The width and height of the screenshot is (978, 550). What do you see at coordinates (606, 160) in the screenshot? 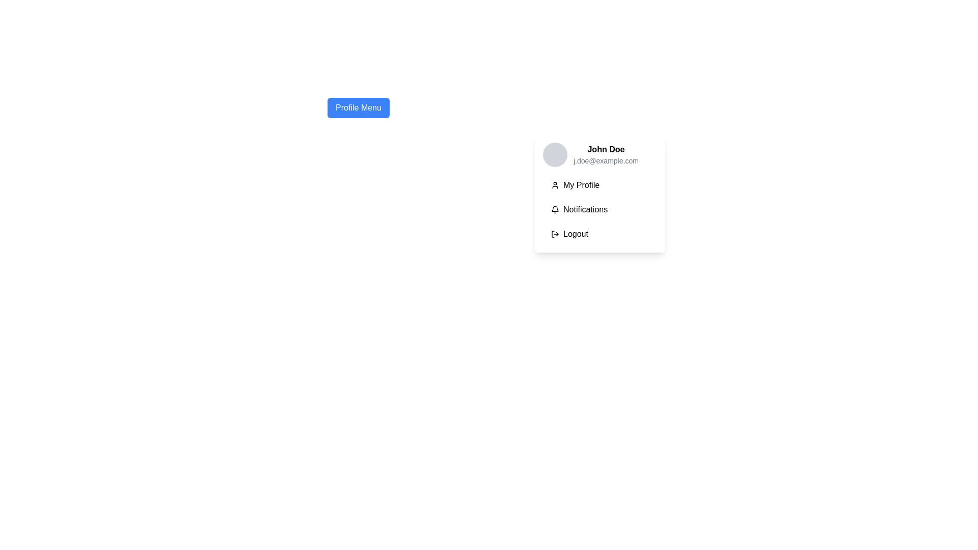
I see `the email address label displaying 'j.doe@example.com' located directly below the name 'John Doe' in the profile menu` at bounding box center [606, 160].